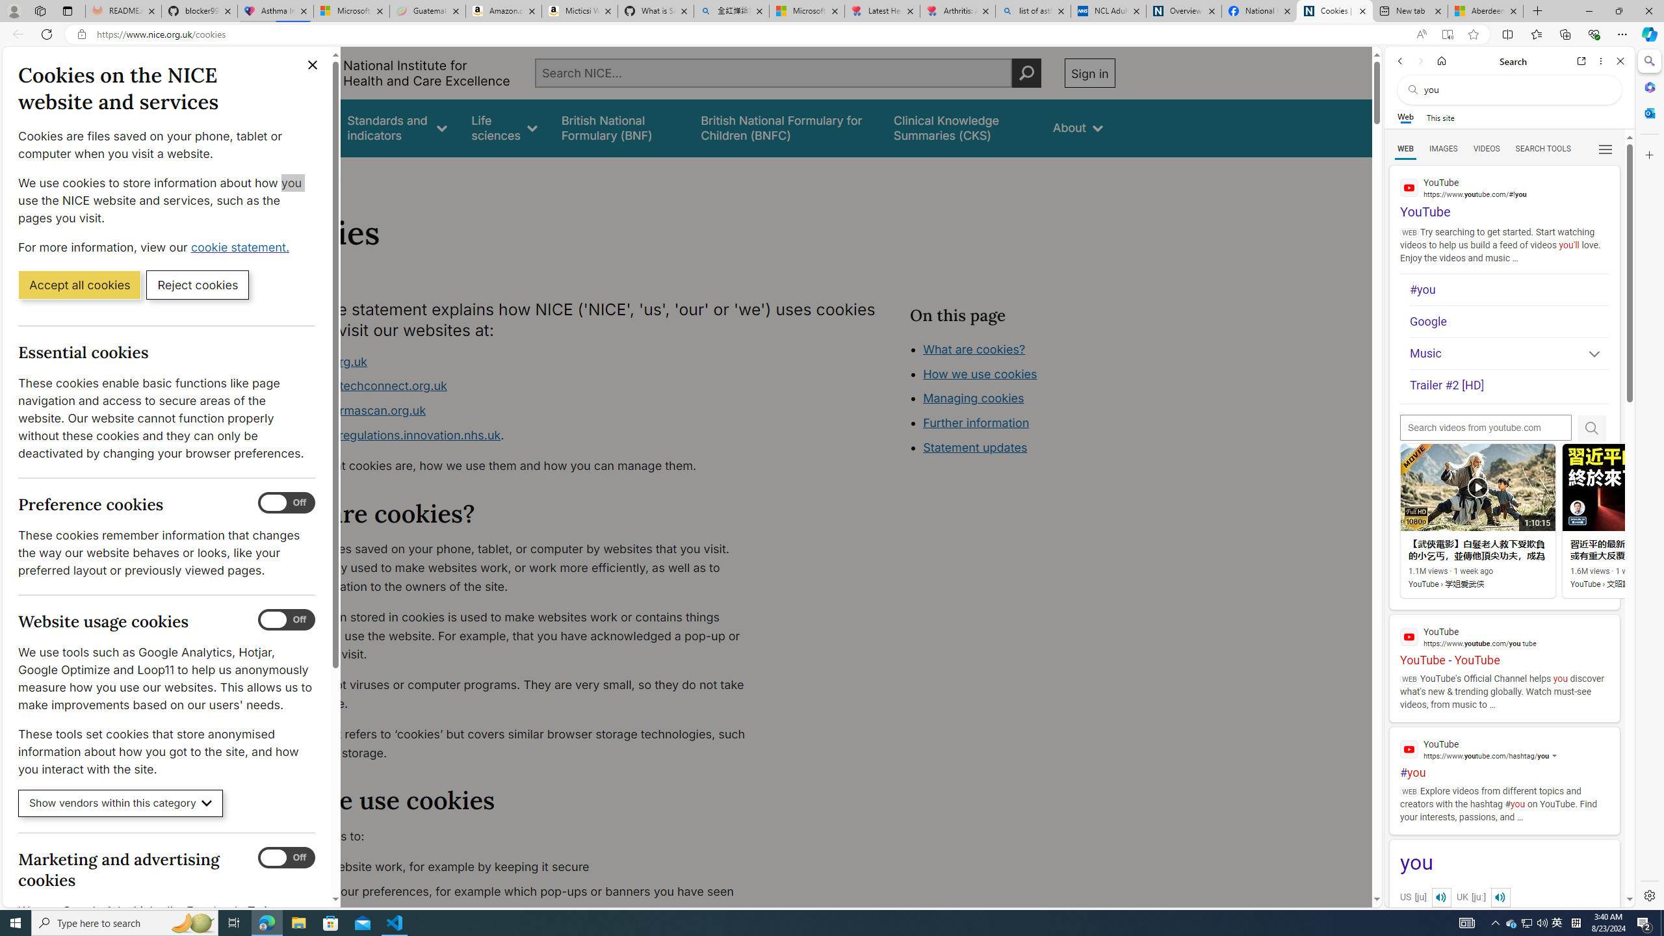 The image size is (1664, 936). Describe the element at coordinates (1601, 60) in the screenshot. I see `'More options'` at that location.